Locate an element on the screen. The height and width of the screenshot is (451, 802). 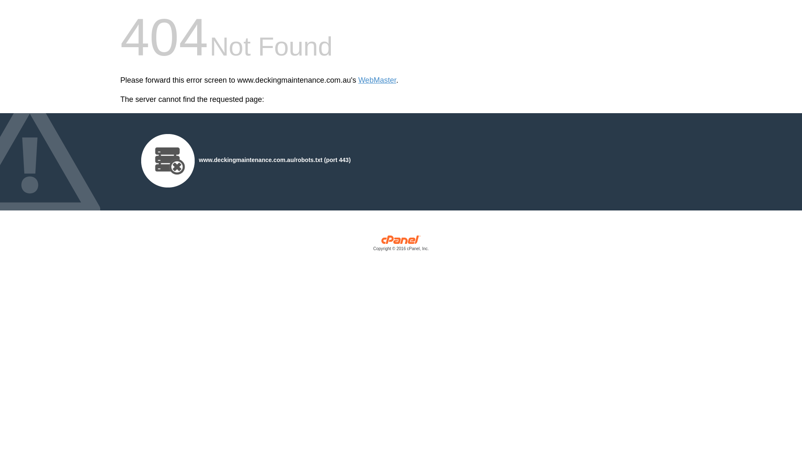
'WebMaster' is located at coordinates (377, 80).